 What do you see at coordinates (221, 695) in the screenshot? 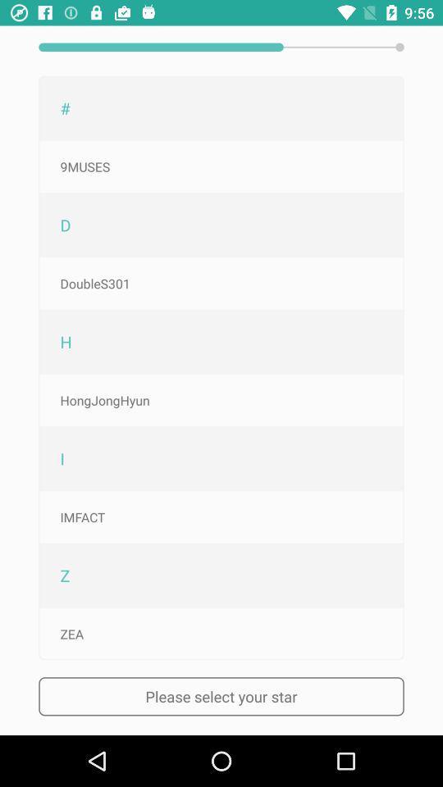
I see `please select your item` at bounding box center [221, 695].